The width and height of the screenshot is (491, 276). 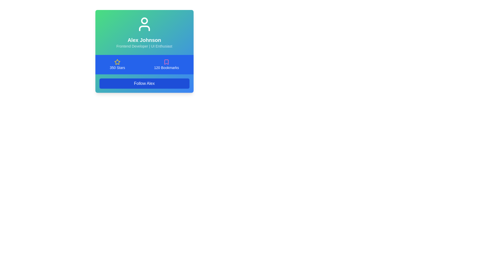 I want to click on the follow button for user 'Alex Johnson', so click(x=144, y=83).